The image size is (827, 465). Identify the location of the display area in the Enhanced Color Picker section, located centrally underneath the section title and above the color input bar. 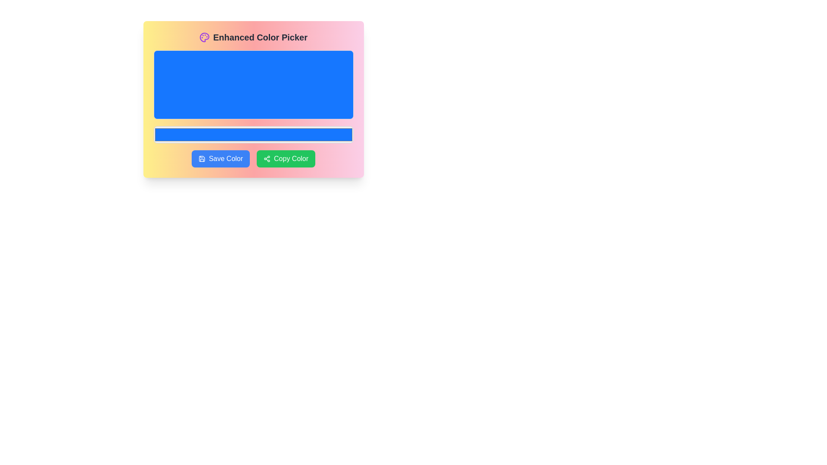
(253, 84).